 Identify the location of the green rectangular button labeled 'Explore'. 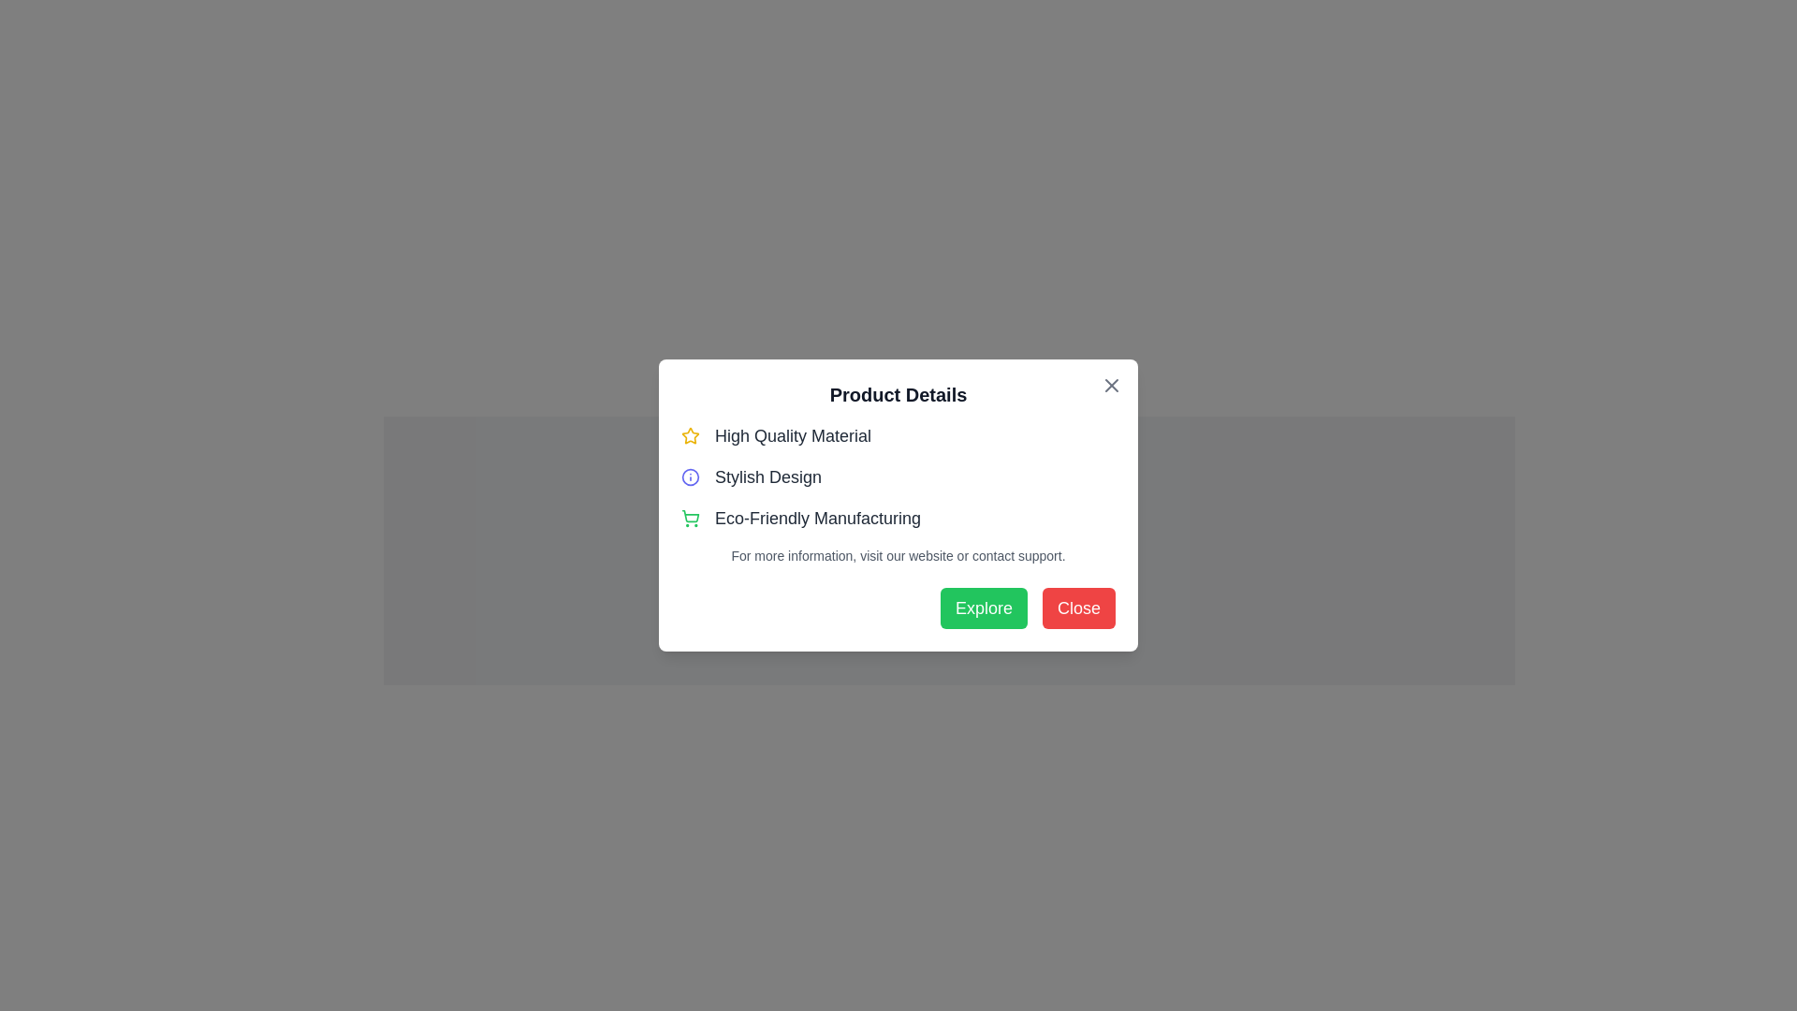
(983, 608).